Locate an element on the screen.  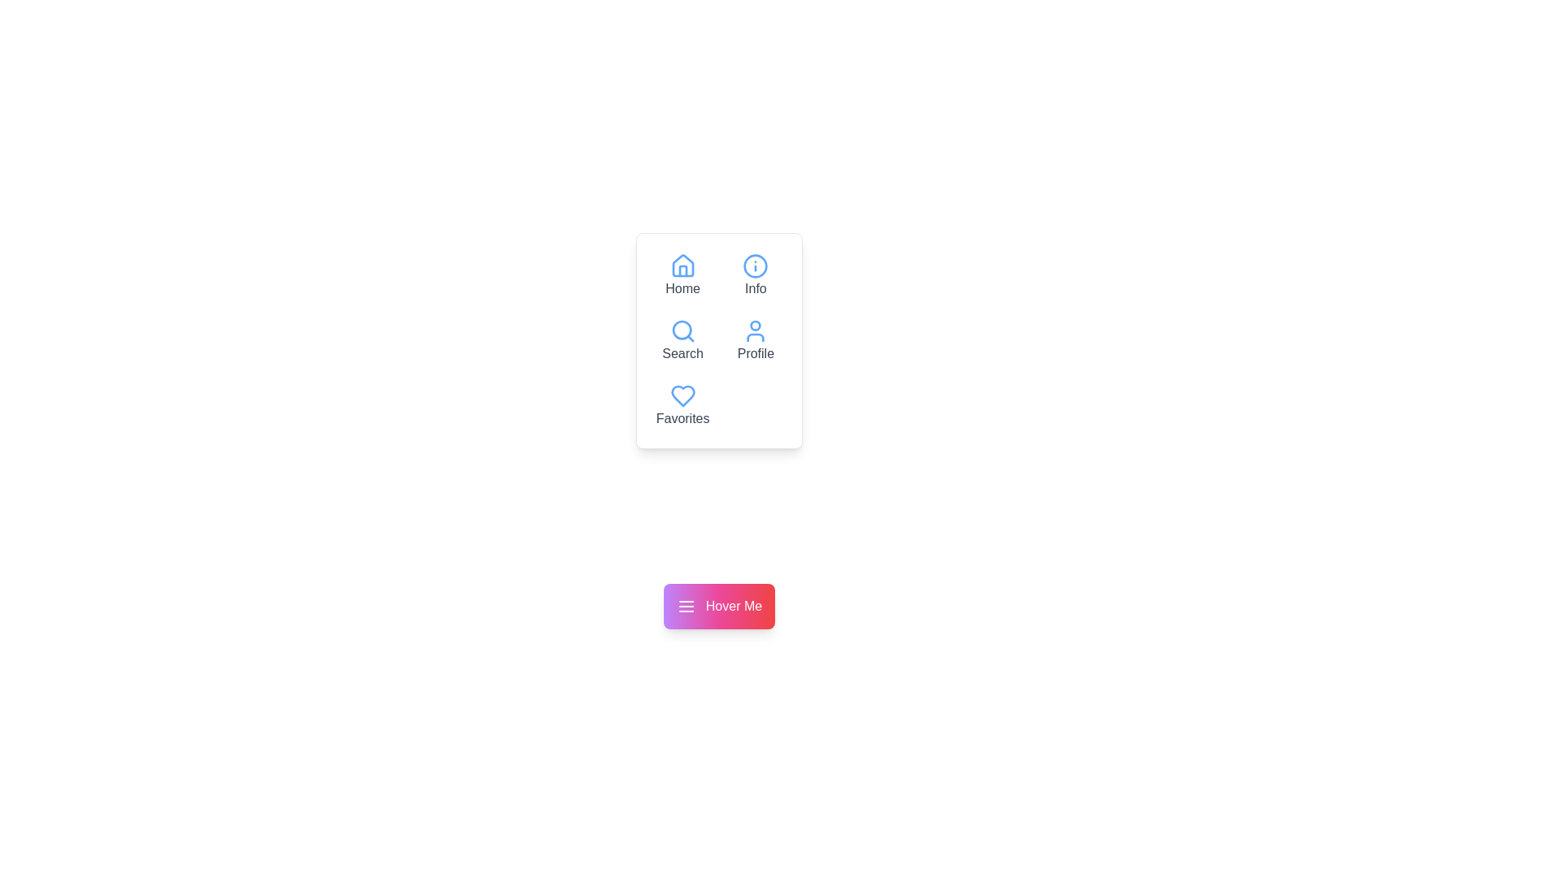
the blue house icon labeled 'Home' located at the top-left of the grid of options is located at coordinates (682, 274).